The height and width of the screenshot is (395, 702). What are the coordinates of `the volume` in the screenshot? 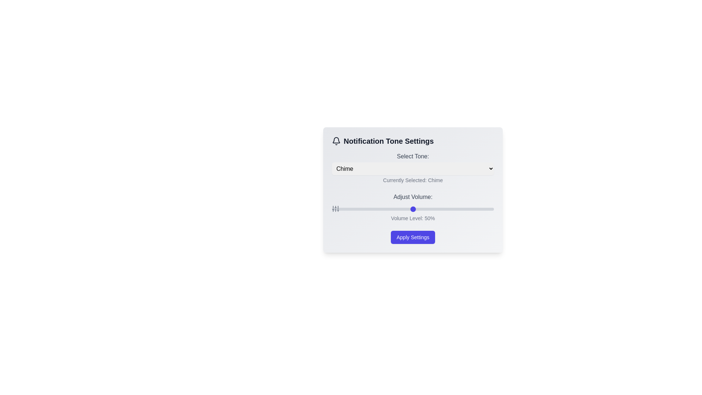 It's located at (419, 209).